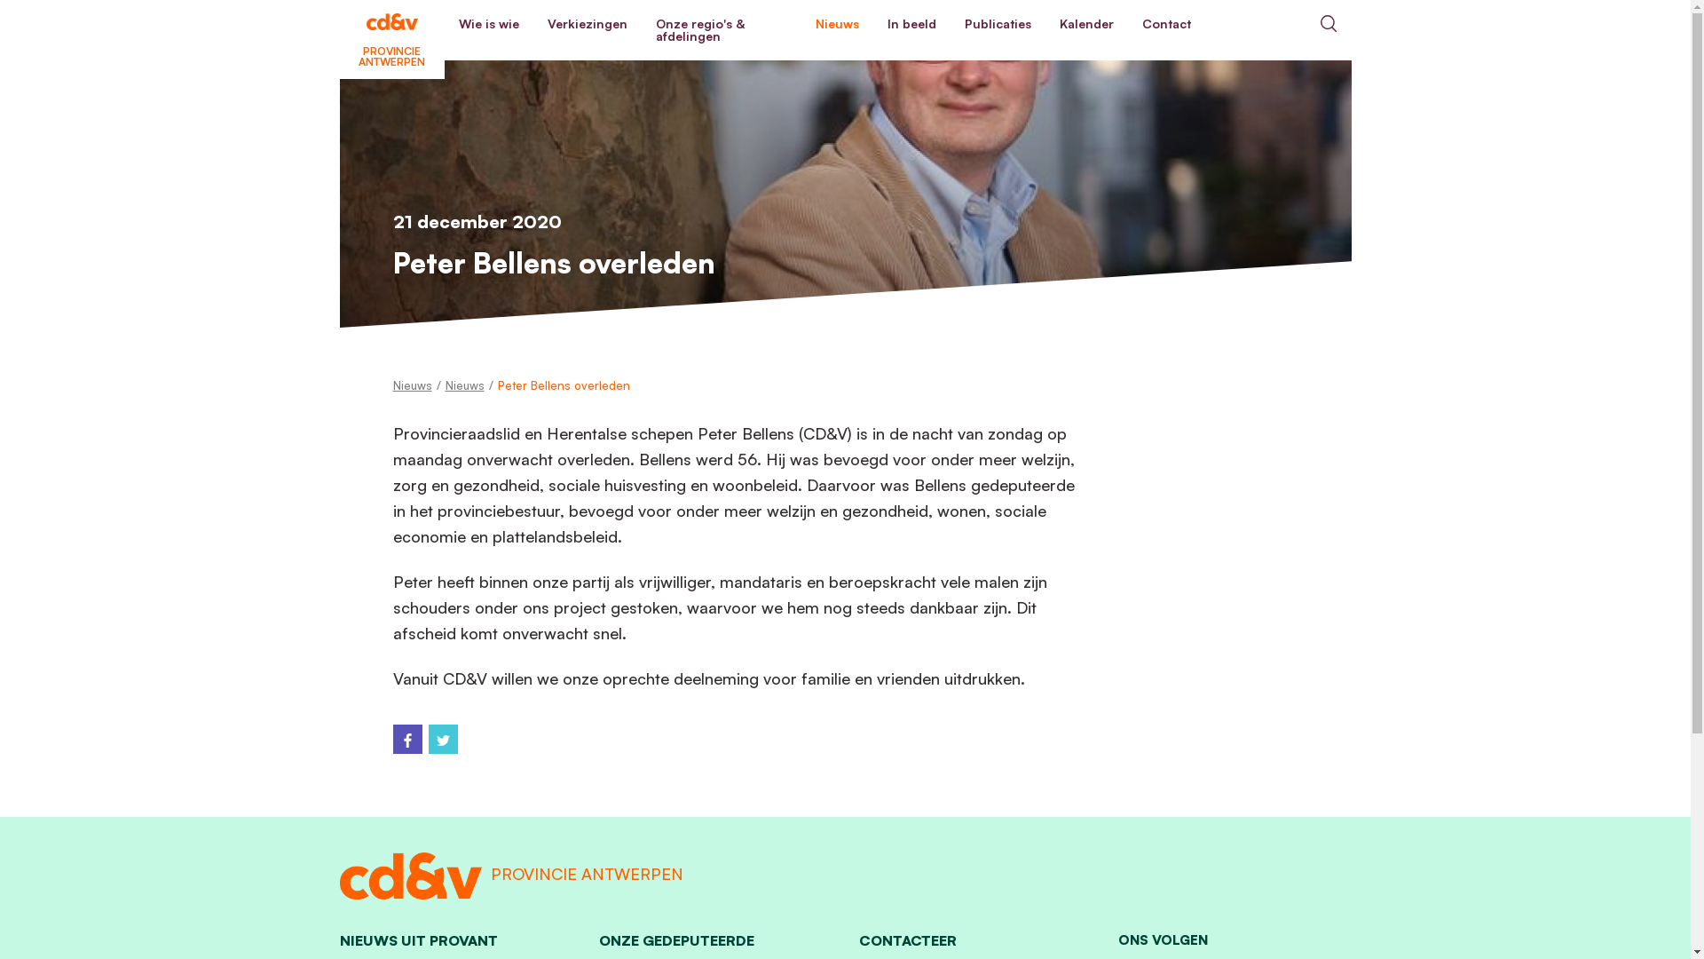  Describe the element at coordinates (390, 23) in the screenshot. I see `'PROVINCIE ANTWERPEN'` at that location.